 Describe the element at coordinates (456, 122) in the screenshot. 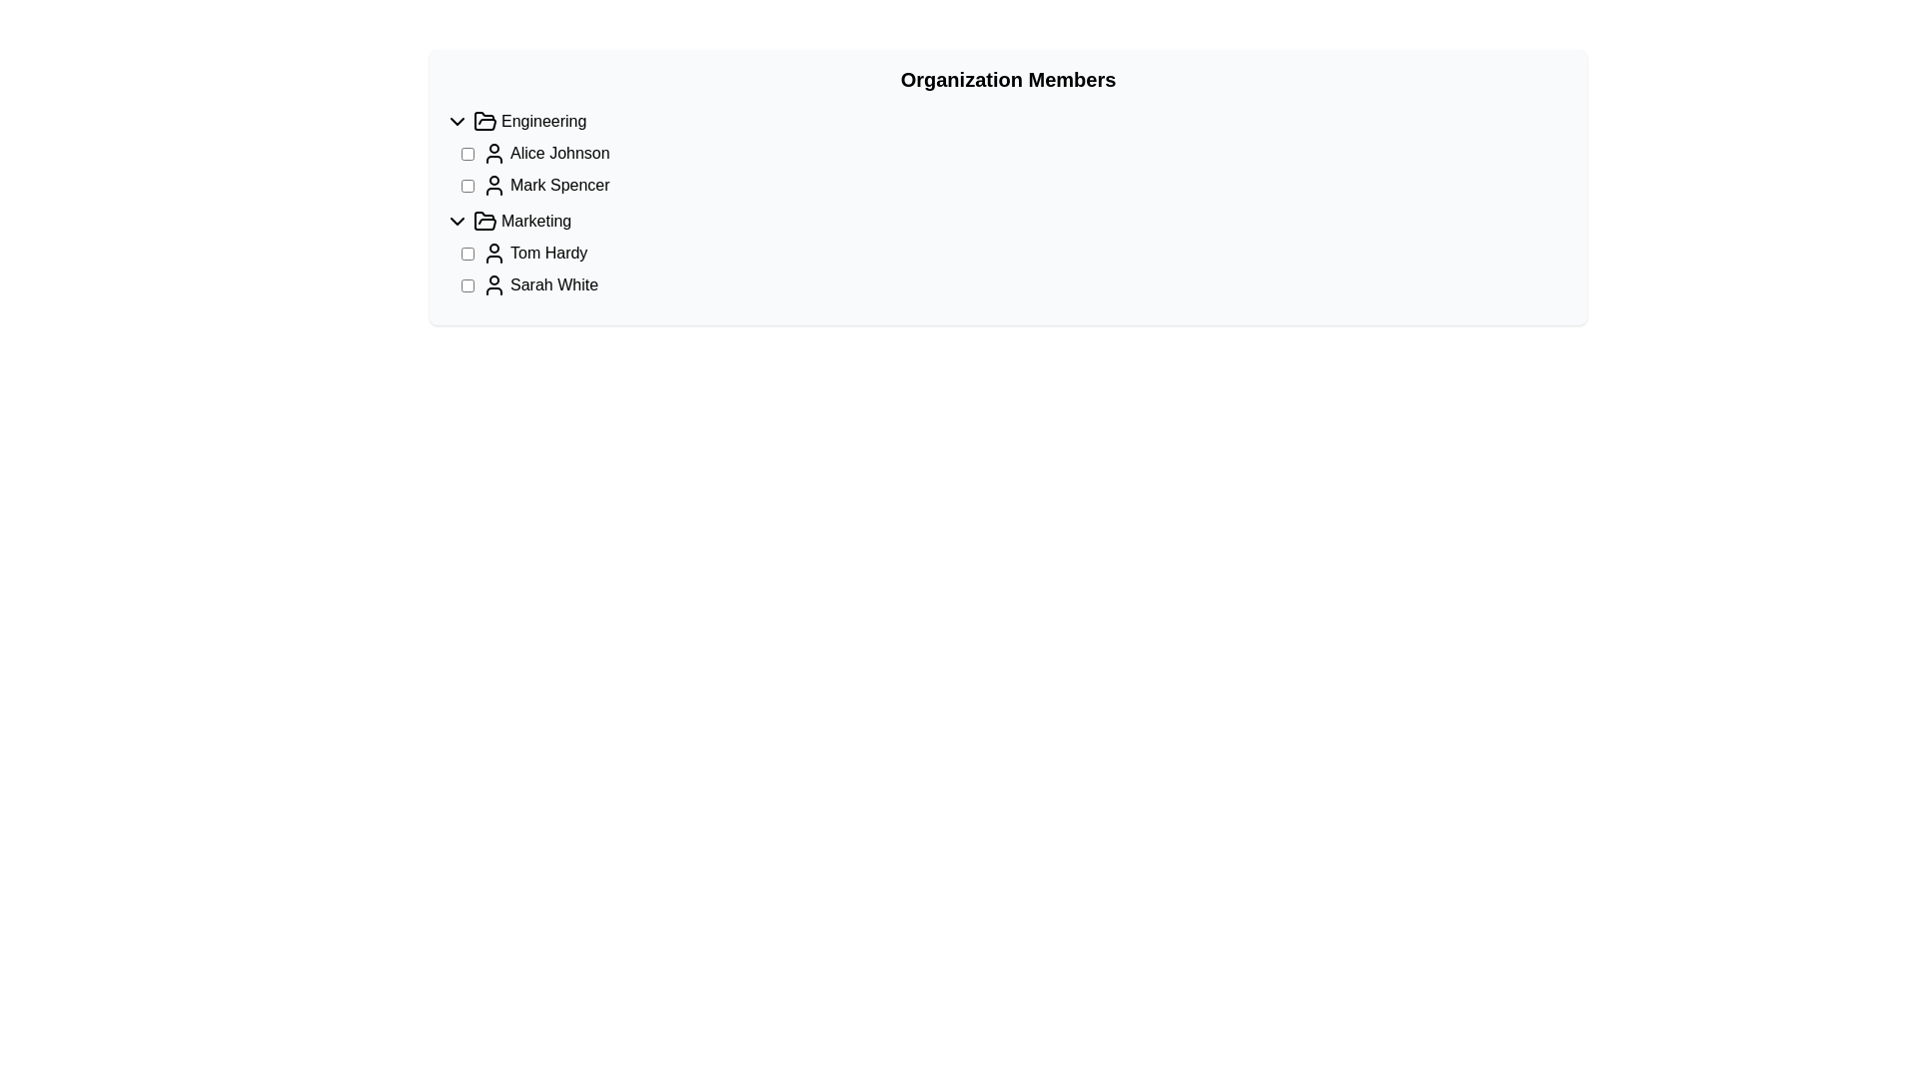

I see `the downward-facing chevron arrow toggle button located to the left of the 'Engineering' label` at that location.